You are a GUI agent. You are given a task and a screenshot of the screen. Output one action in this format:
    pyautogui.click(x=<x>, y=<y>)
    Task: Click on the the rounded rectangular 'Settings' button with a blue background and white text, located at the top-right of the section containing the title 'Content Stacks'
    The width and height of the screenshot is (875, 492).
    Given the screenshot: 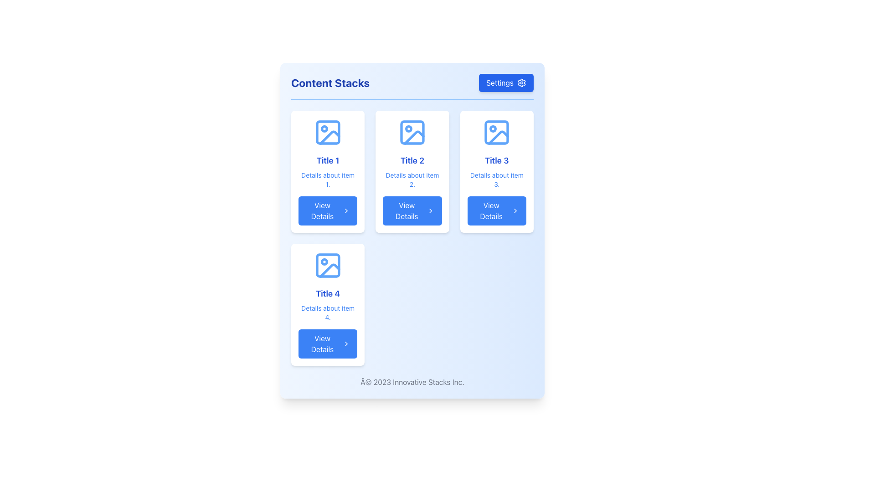 What is the action you would take?
    pyautogui.click(x=506, y=82)
    